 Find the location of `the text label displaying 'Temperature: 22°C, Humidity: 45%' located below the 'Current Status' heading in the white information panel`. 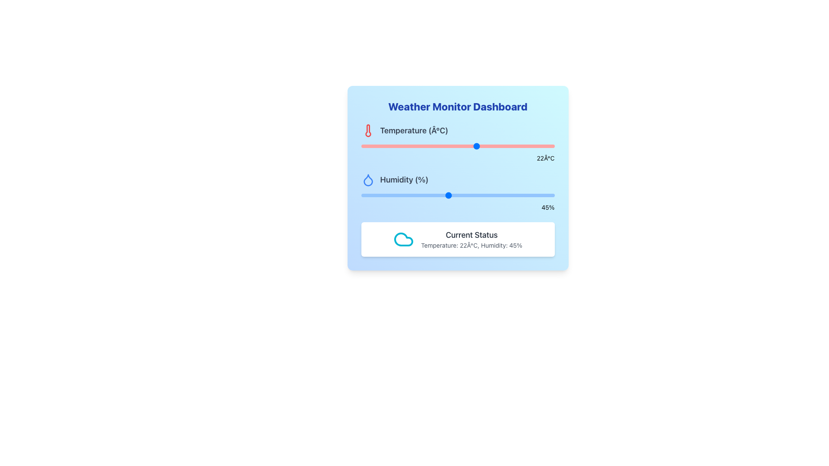

the text label displaying 'Temperature: 22°C, Humidity: 45%' located below the 'Current Status' heading in the white information panel is located at coordinates (471, 246).